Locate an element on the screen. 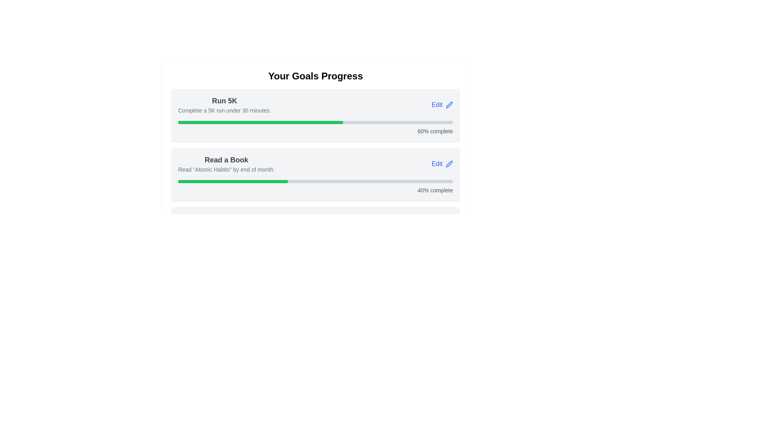  the progress bar segment representing the completion percentage of the 'Read a Book' goal, located in the top-left corner of the visible progress bar is located at coordinates (232, 182).